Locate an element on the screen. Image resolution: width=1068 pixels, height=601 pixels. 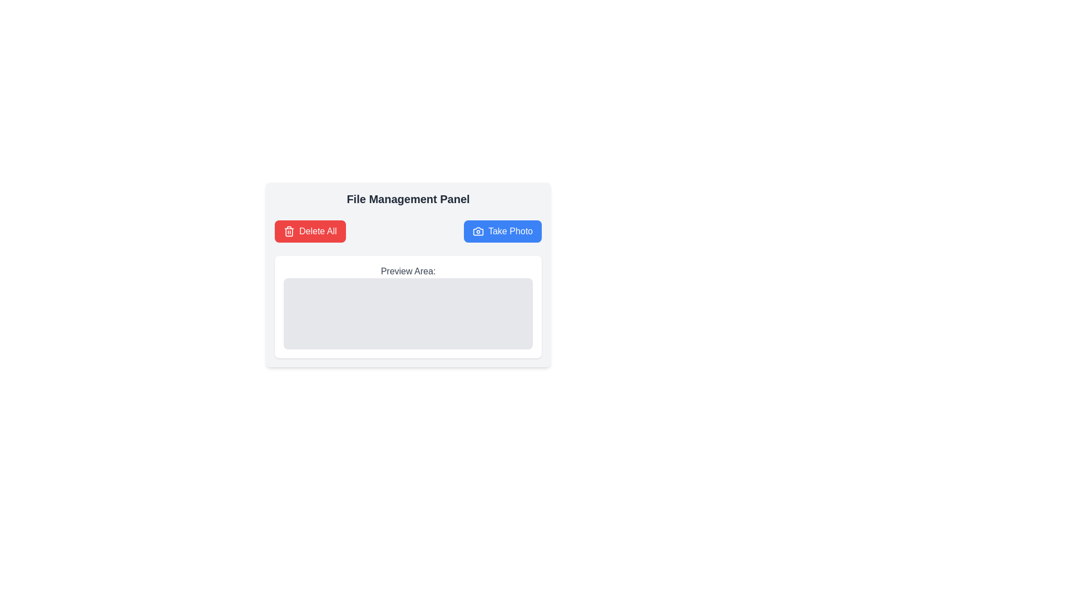
the camera icon located inside the blue 'Take Photo' button at the top-right corner of the interface panel is located at coordinates (478, 231).